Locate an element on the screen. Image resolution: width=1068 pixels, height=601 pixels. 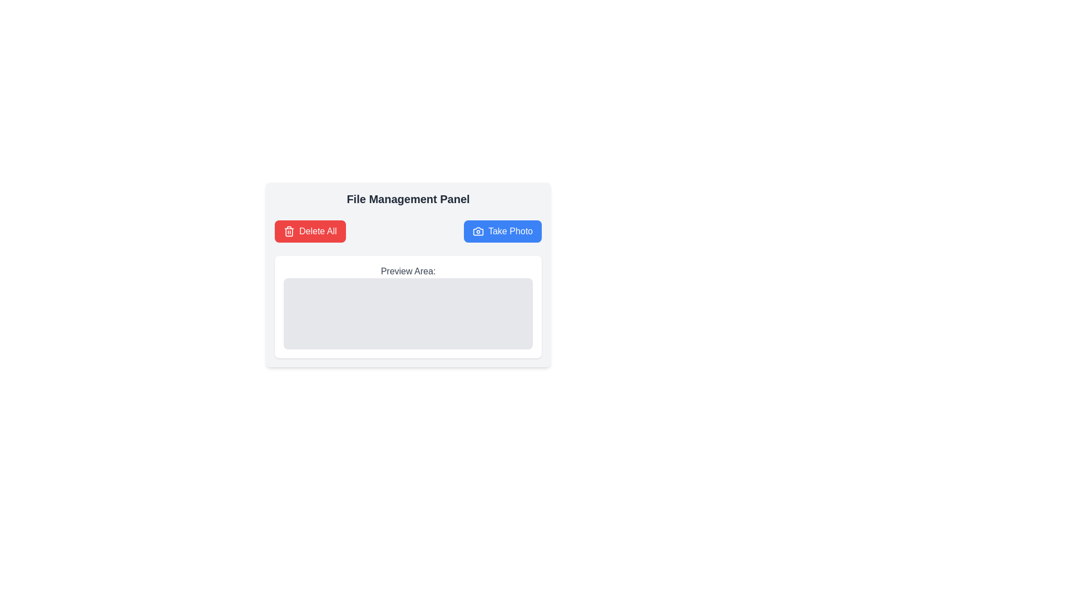
the camera icon located inside the blue 'Take Photo' button at the top-right corner of the interface panel is located at coordinates (478, 231).